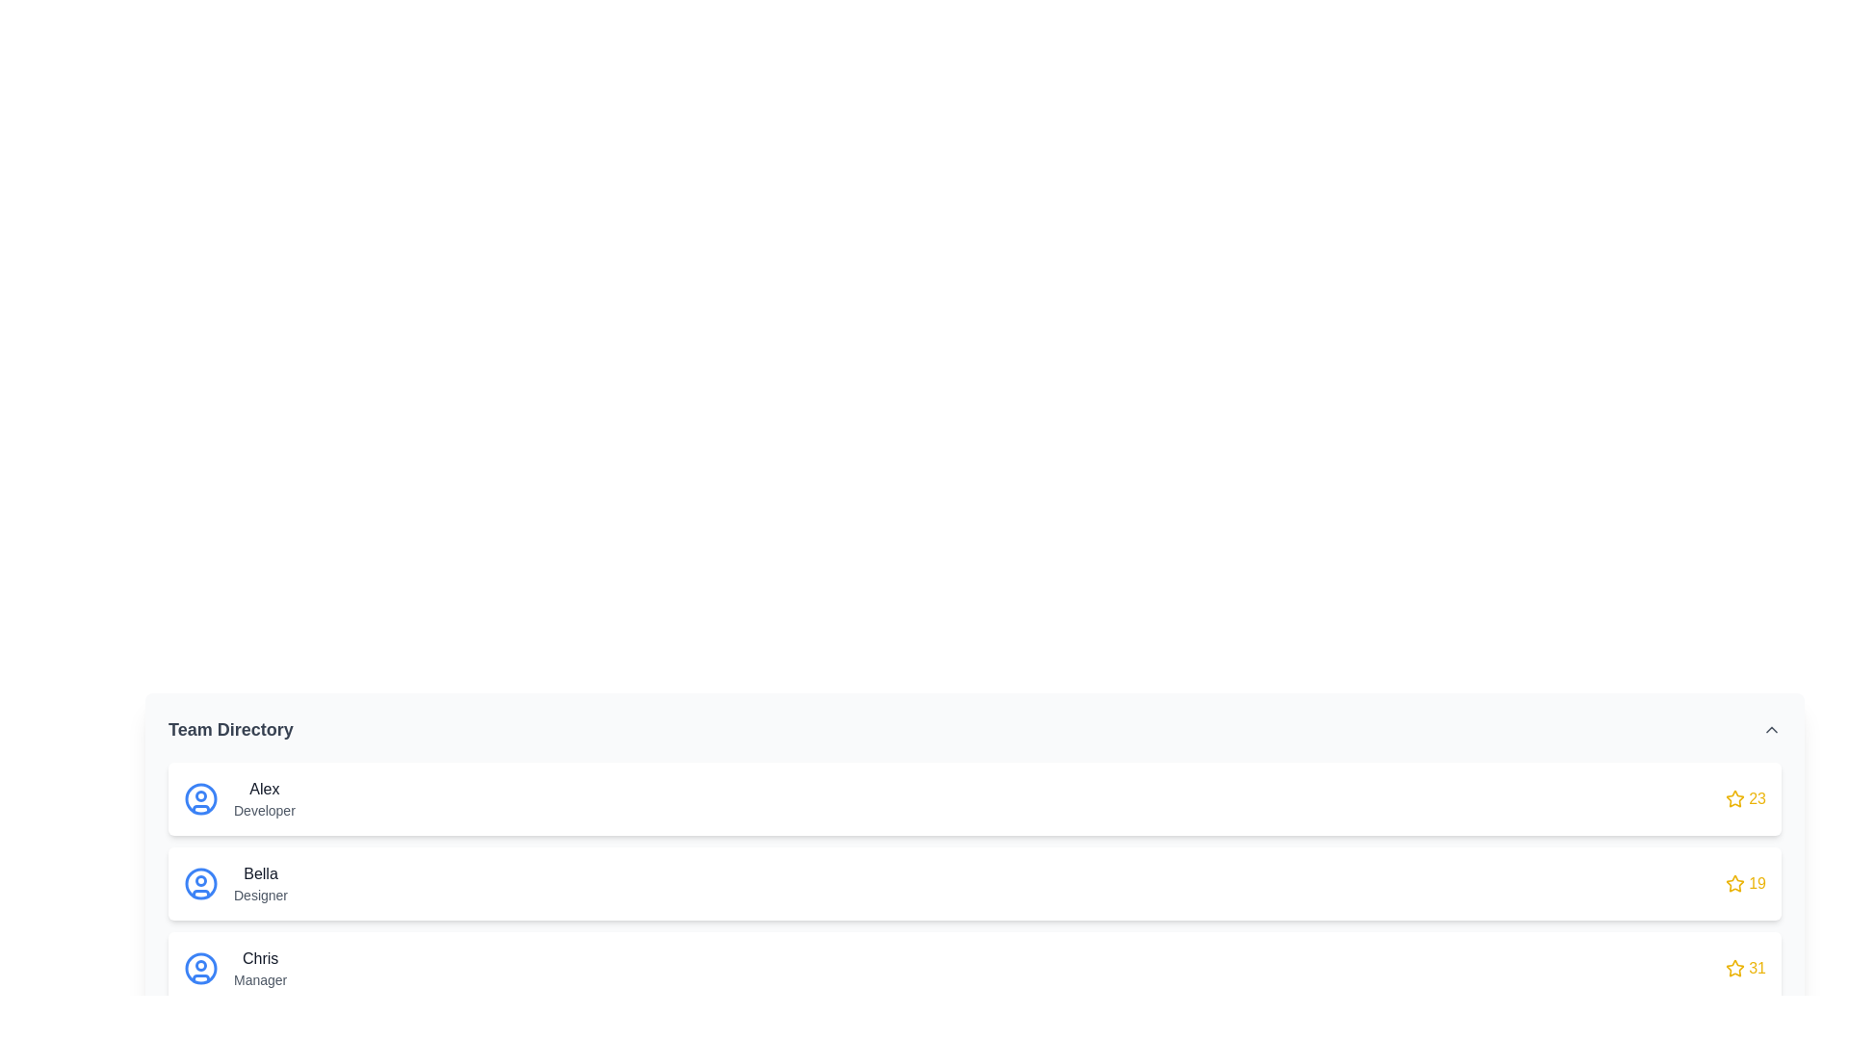  What do you see at coordinates (263, 798) in the screenshot?
I see `the Text Label that displays the name and role of the first team member in the 'Team Directory' section, located to the right of the circular user icon` at bounding box center [263, 798].